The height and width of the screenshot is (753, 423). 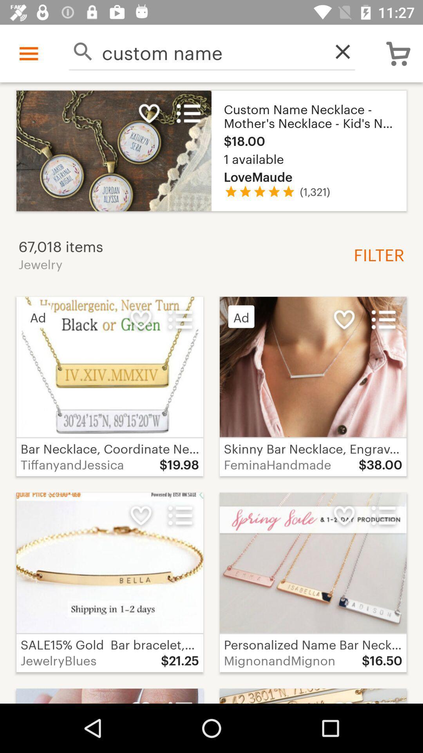 What do you see at coordinates (376, 254) in the screenshot?
I see `filter icon` at bounding box center [376, 254].